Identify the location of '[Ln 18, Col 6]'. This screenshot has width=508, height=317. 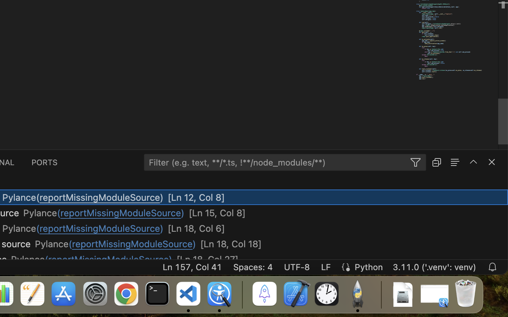
(196, 228).